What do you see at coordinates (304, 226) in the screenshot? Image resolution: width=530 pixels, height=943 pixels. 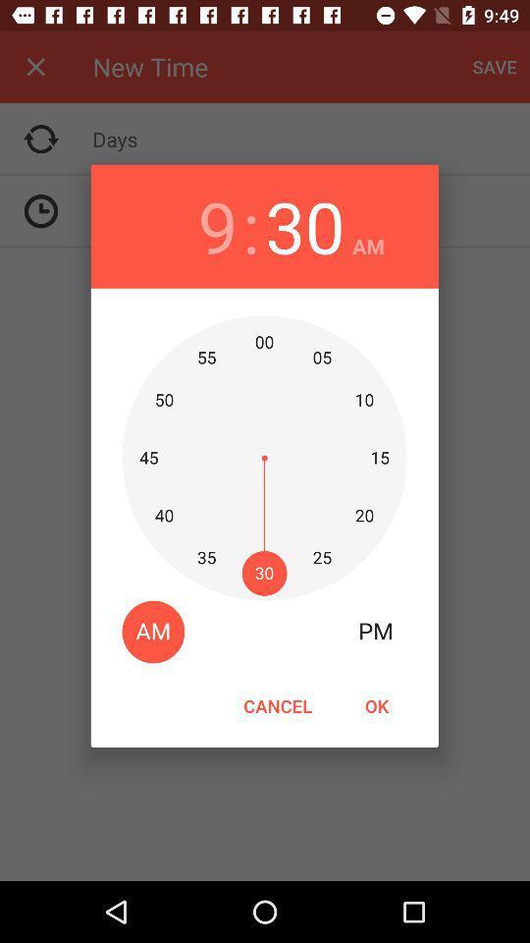 I see `the item to the right of the : icon` at bounding box center [304, 226].